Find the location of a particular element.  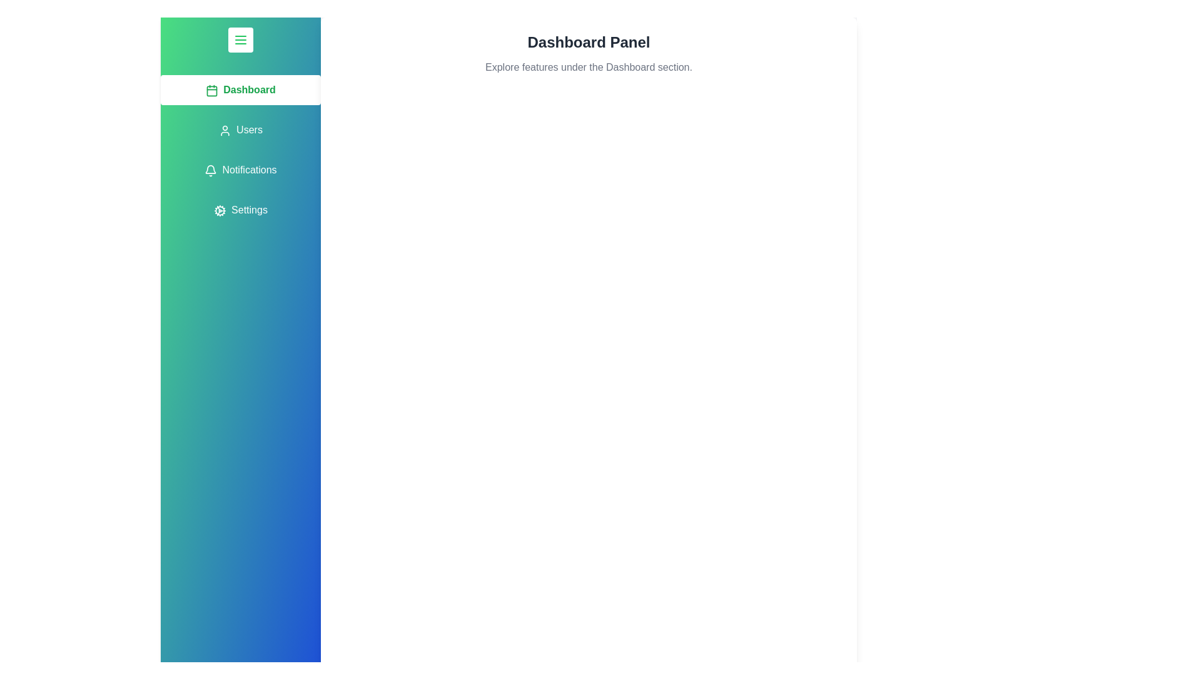

the tab labeled Dashboard to observe its hover effect is located at coordinates (240, 89).